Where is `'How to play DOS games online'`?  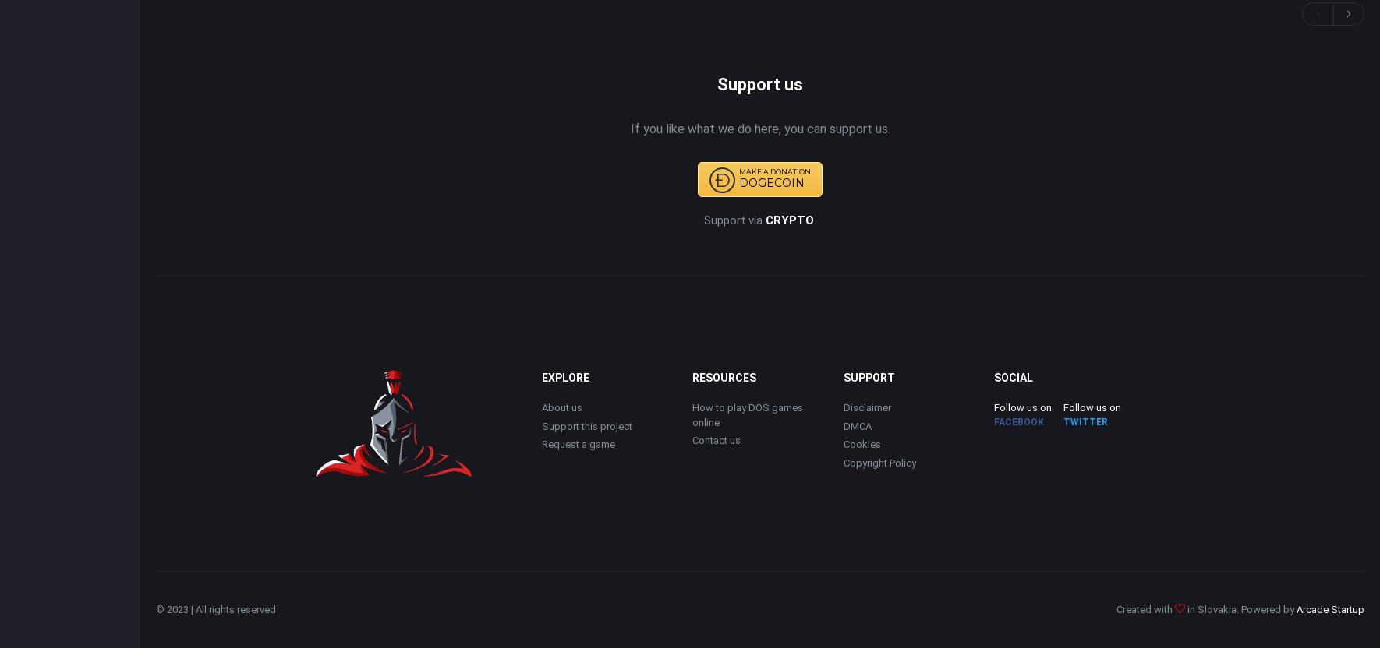
'How to play DOS games online' is located at coordinates (746, 414).